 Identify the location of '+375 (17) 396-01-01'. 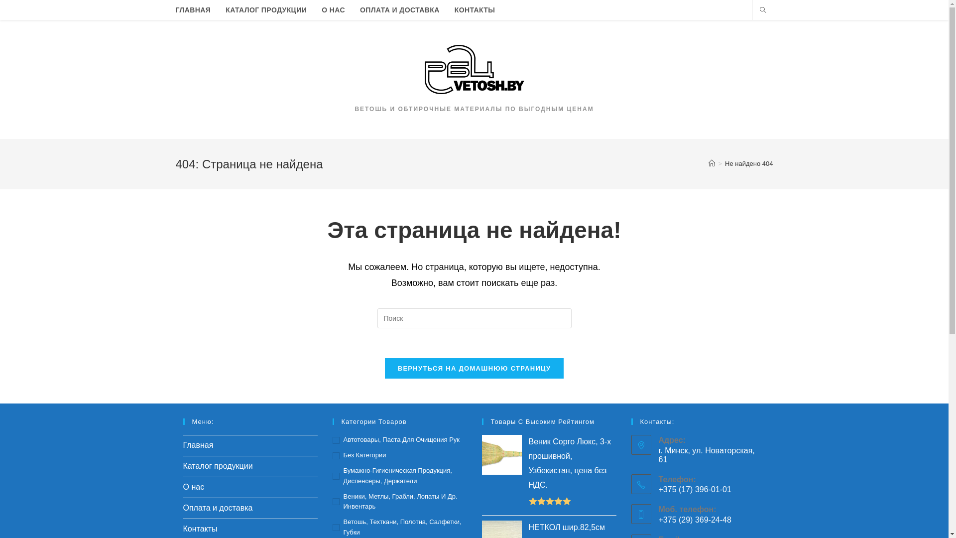
(658, 489).